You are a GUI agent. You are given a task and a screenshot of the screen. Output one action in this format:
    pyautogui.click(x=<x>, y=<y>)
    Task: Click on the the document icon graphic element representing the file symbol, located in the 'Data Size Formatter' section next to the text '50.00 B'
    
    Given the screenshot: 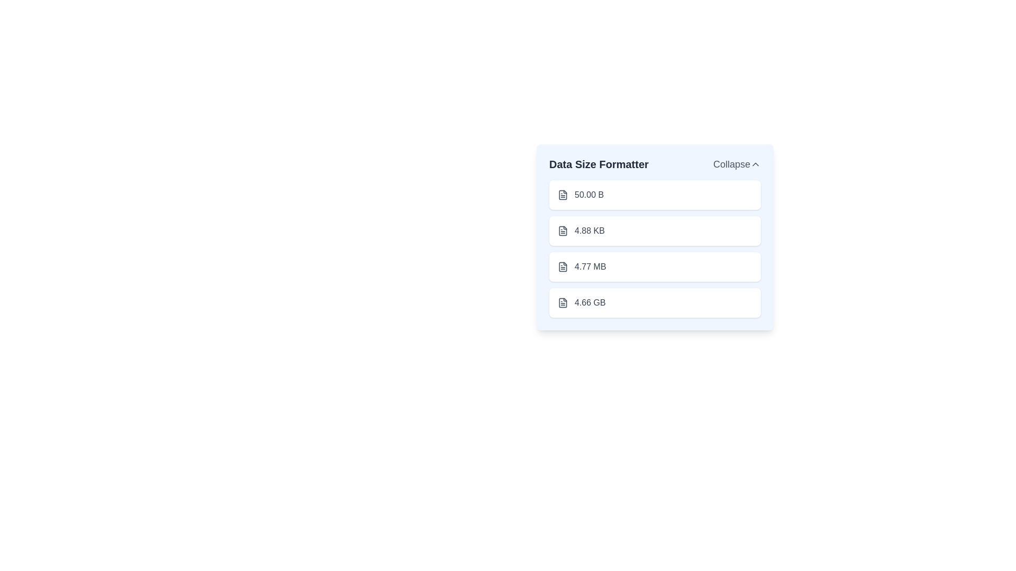 What is the action you would take?
    pyautogui.click(x=563, y=195)
    